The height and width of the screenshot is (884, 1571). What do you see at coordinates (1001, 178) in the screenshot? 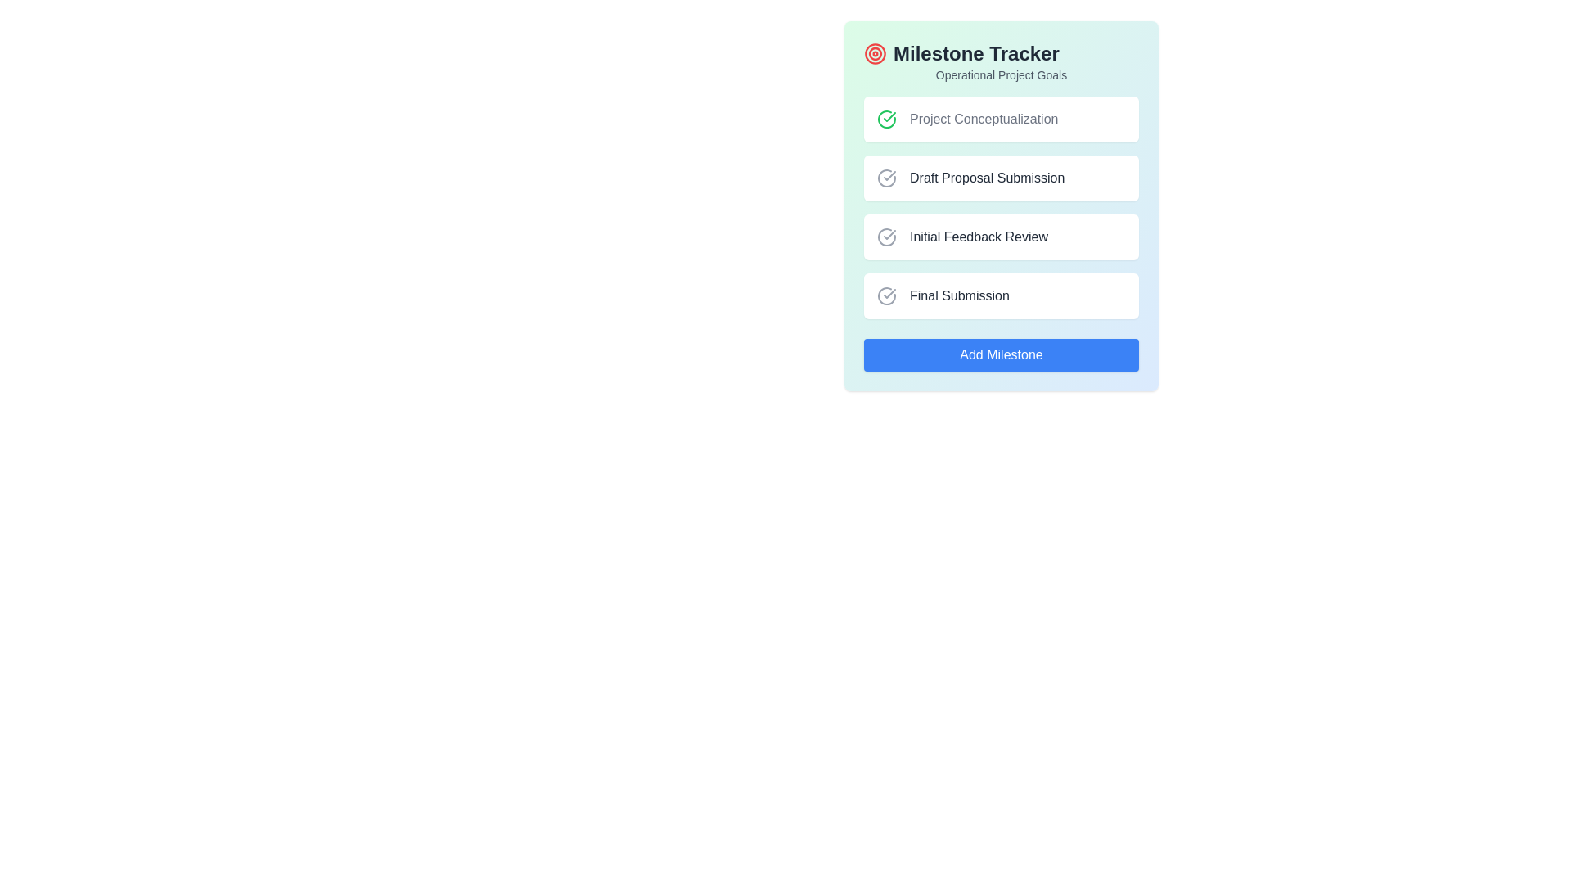
I see `text of the milestone step element containing 'Draft Proposal Submission', which is the second item in the milestone tracker list` at bounding box center [1001, 178].